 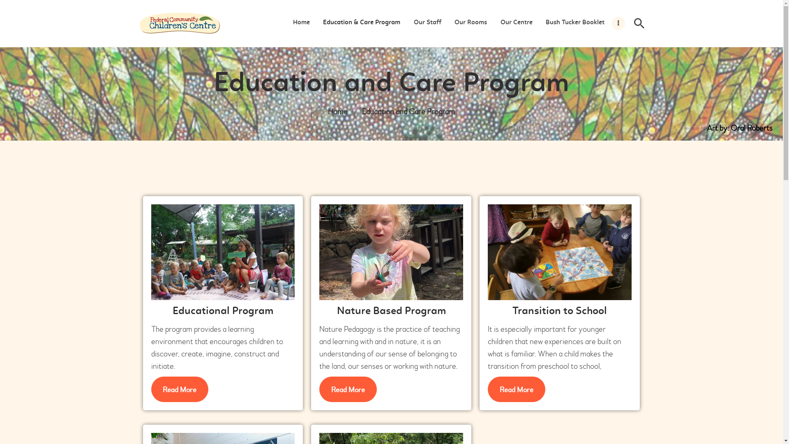 I want to click on 'nature based learning', so click(x=390, y=252).